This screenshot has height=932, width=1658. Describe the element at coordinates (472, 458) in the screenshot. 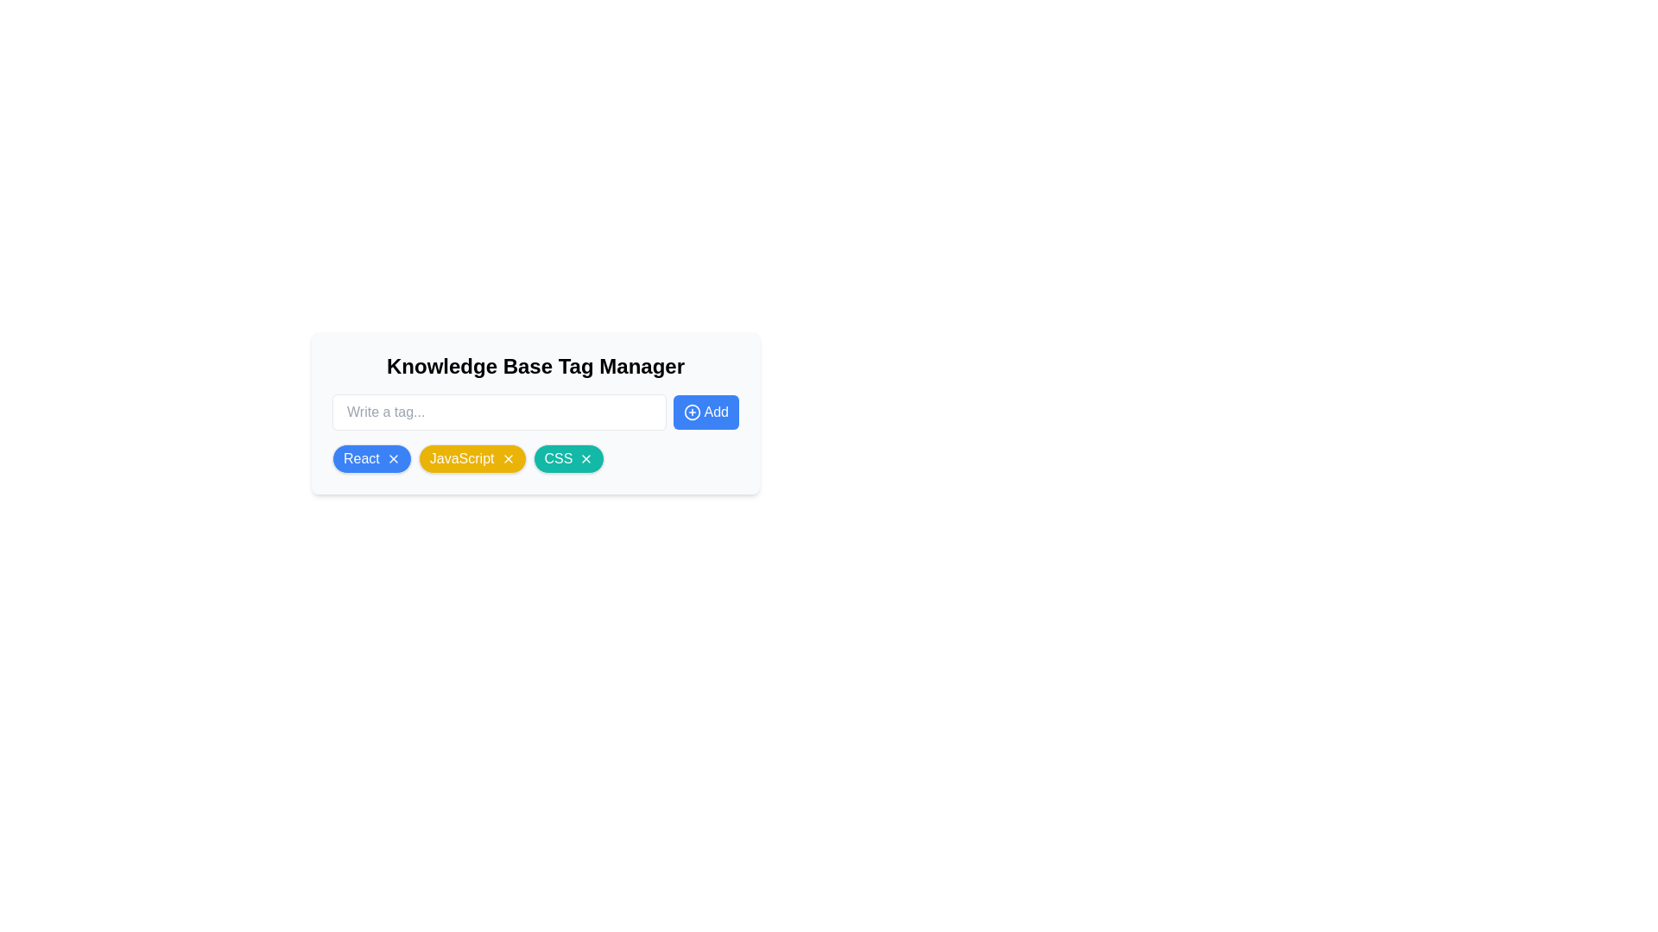

I see `the pill-shaped button labeled 'JavaScript' with a yellow background and white text` at that location.